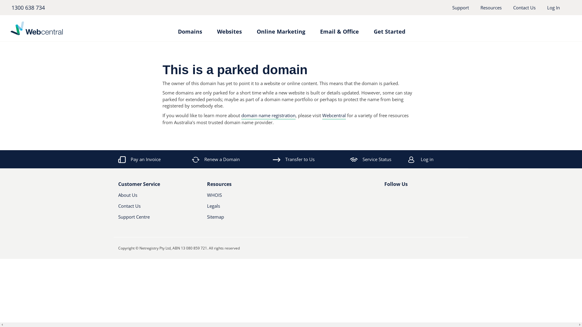  Describe the element at coordinates (280, 28) in the screenshot. I see `'Online Marketing'` at that location.